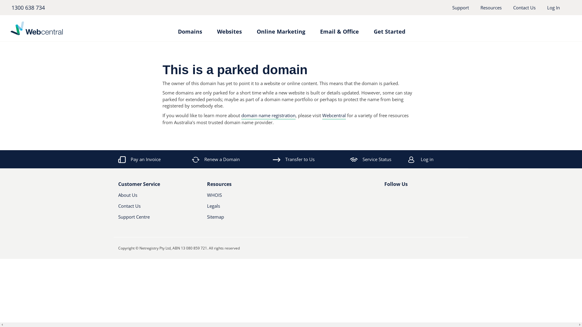  Describe the element at coordinates (280, 28) in the screenshot. I see `'Online Marketing'` at that location.